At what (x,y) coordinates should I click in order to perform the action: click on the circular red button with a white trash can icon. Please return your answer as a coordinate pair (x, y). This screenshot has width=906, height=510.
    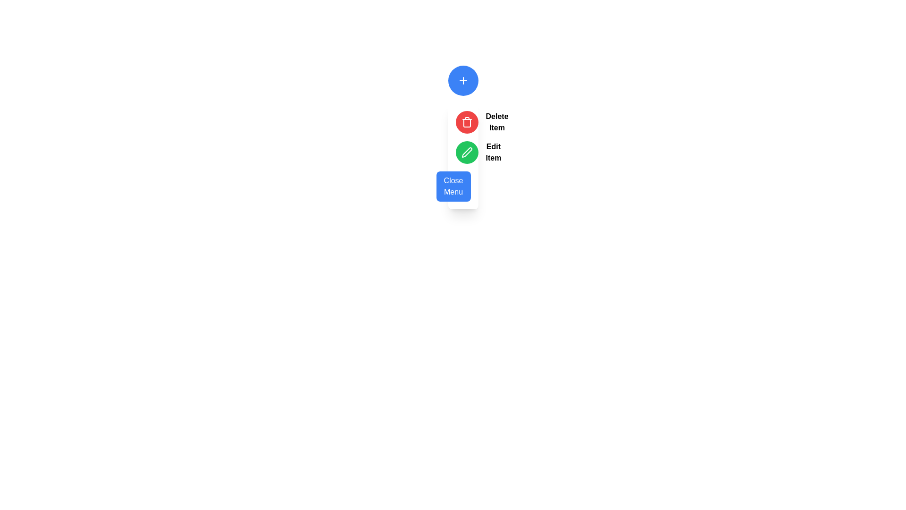
    Looking at the image, I should click on (467, 121).